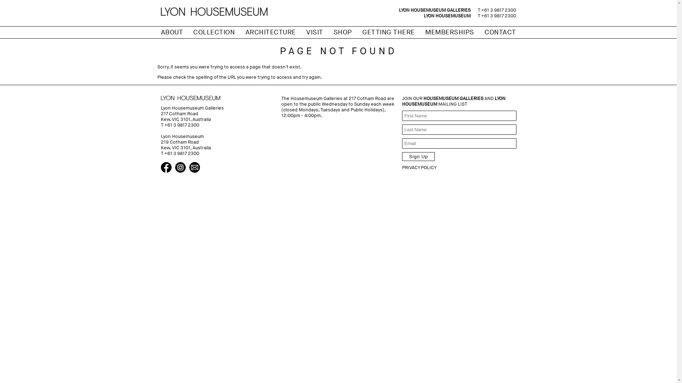 The image size is (682, 383). Describe the element at coordinates (270, 32) in the screenshot. I see `'ARCHITECTURE'` at that location.